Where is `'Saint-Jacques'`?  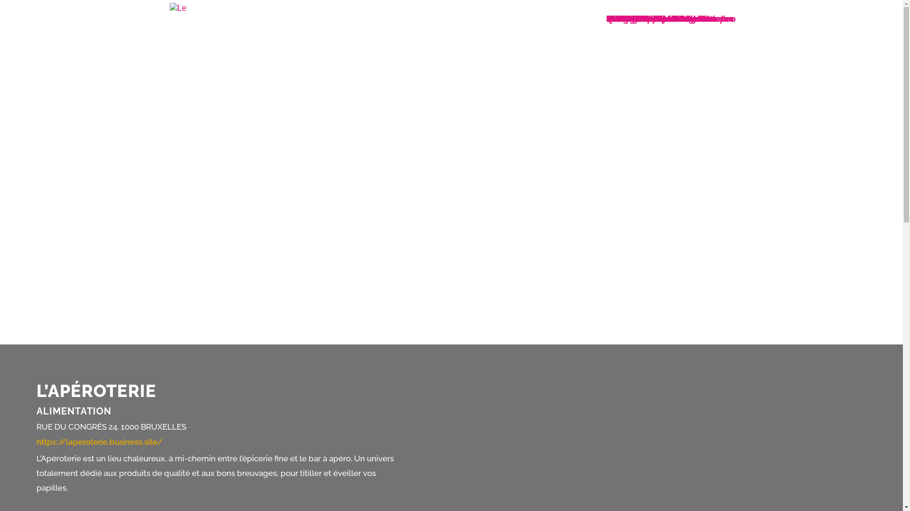
'Saint-Jacques' is located at coordinates (635, 18).